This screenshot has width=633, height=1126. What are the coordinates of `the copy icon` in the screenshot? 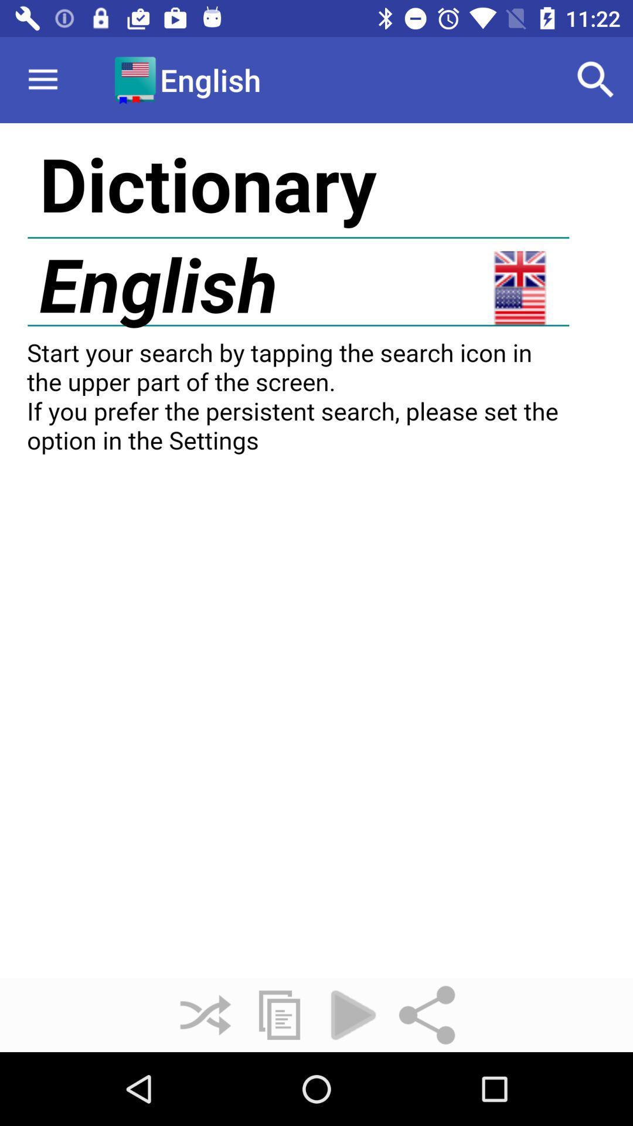 It's located at (280, 1015).